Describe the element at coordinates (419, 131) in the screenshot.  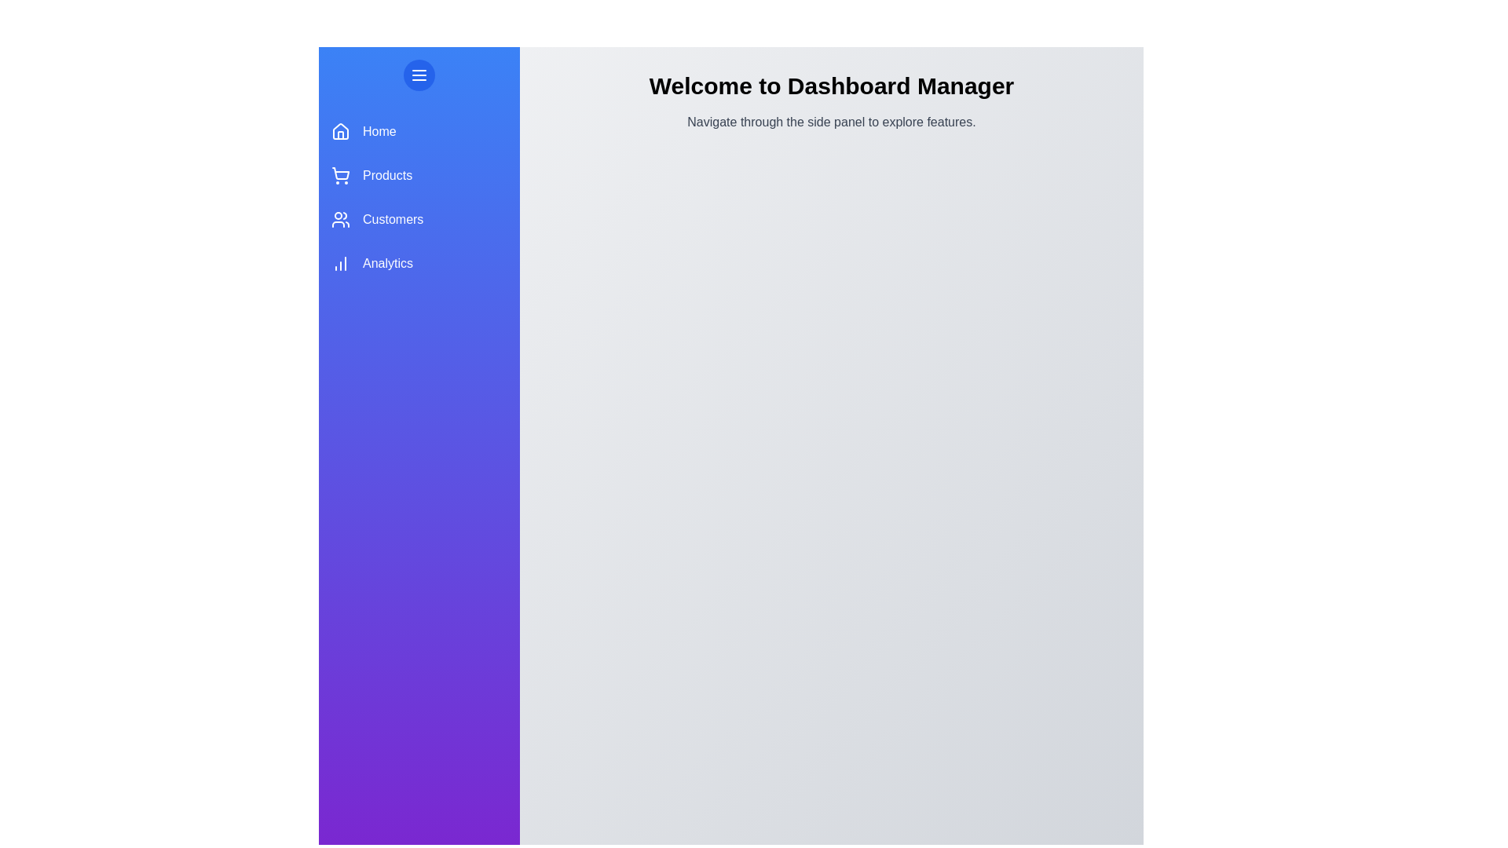
I see `the sidebar item Home to observe its hover effect` at that location.